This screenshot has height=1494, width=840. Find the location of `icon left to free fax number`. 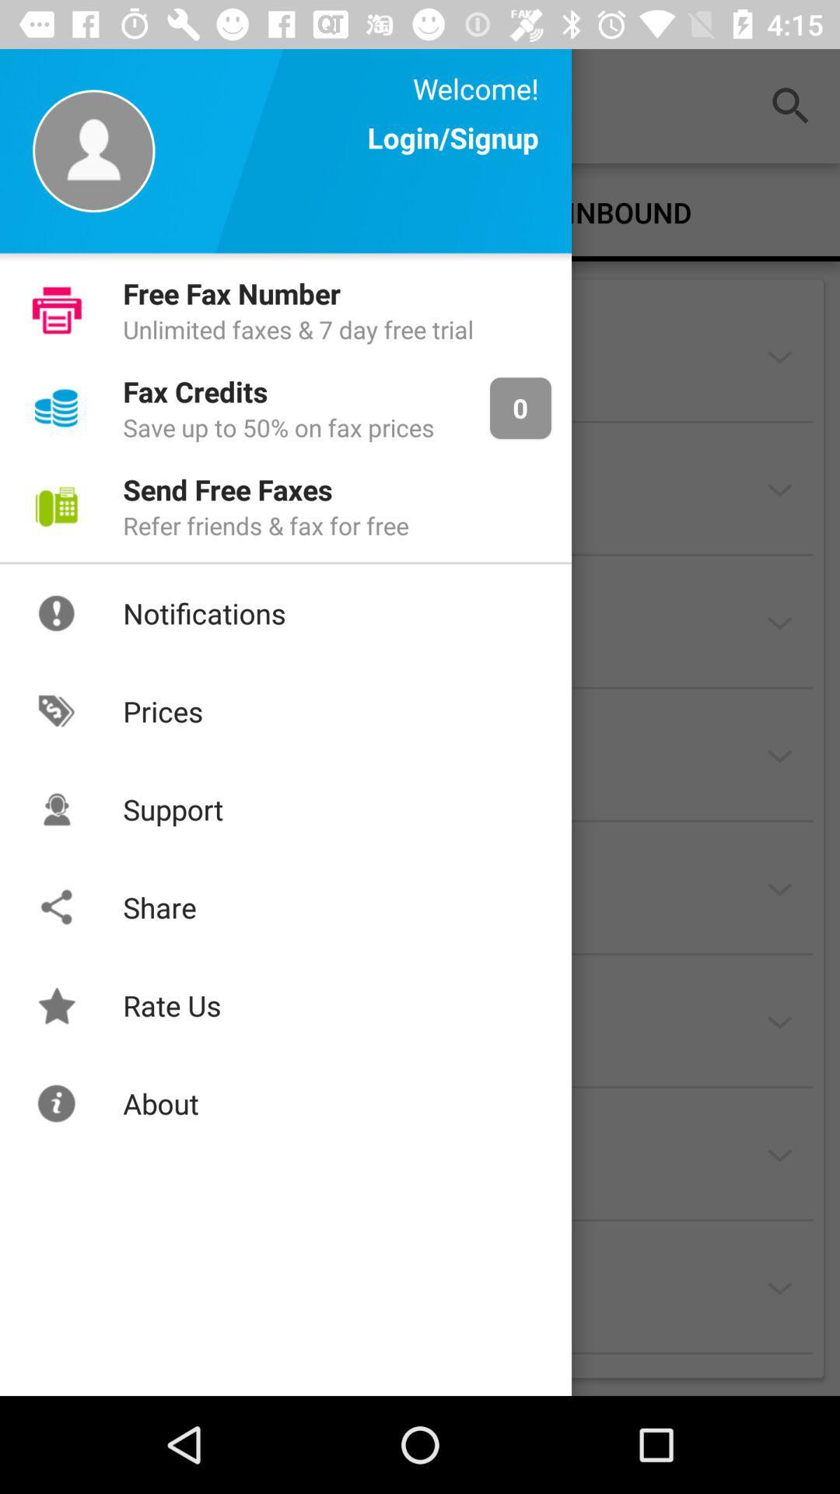

icon left to free fax number is located at coordinates (56, 310).